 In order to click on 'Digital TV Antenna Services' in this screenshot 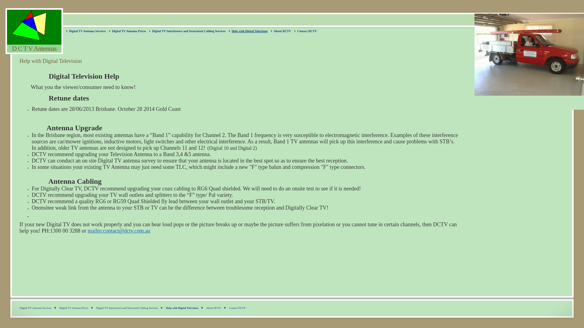, I will do `click(35, 308)`.